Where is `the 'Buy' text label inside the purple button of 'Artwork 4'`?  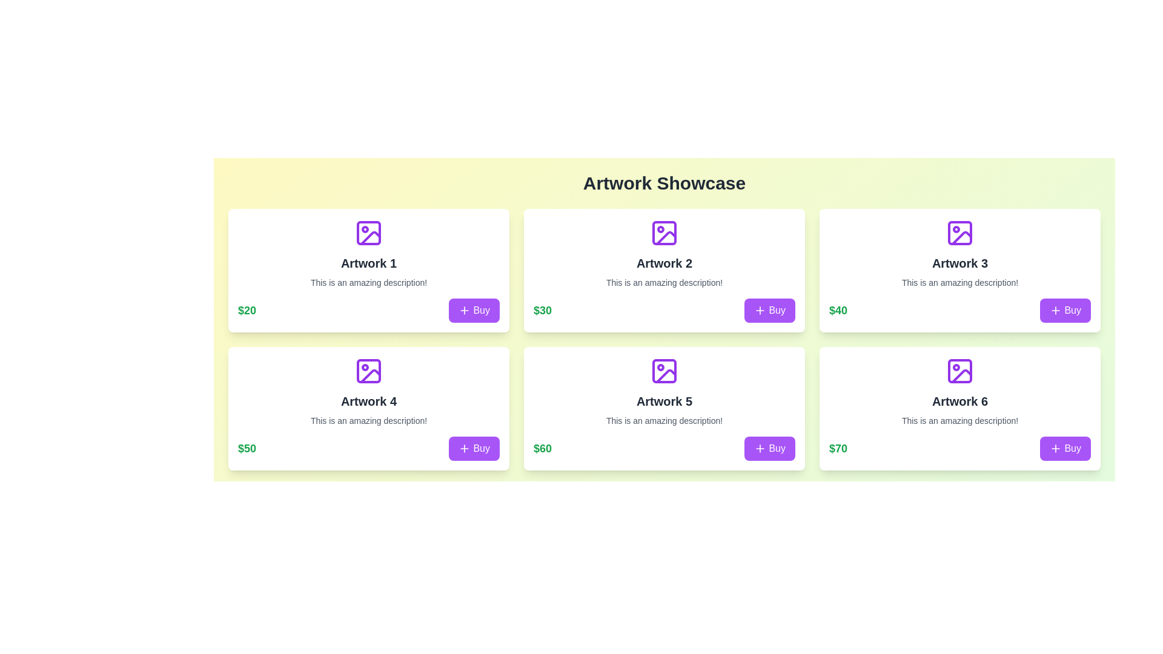 the 'Buy' text label inside the purple button of 'Artwork 4' is located at coordinates (481, 448).